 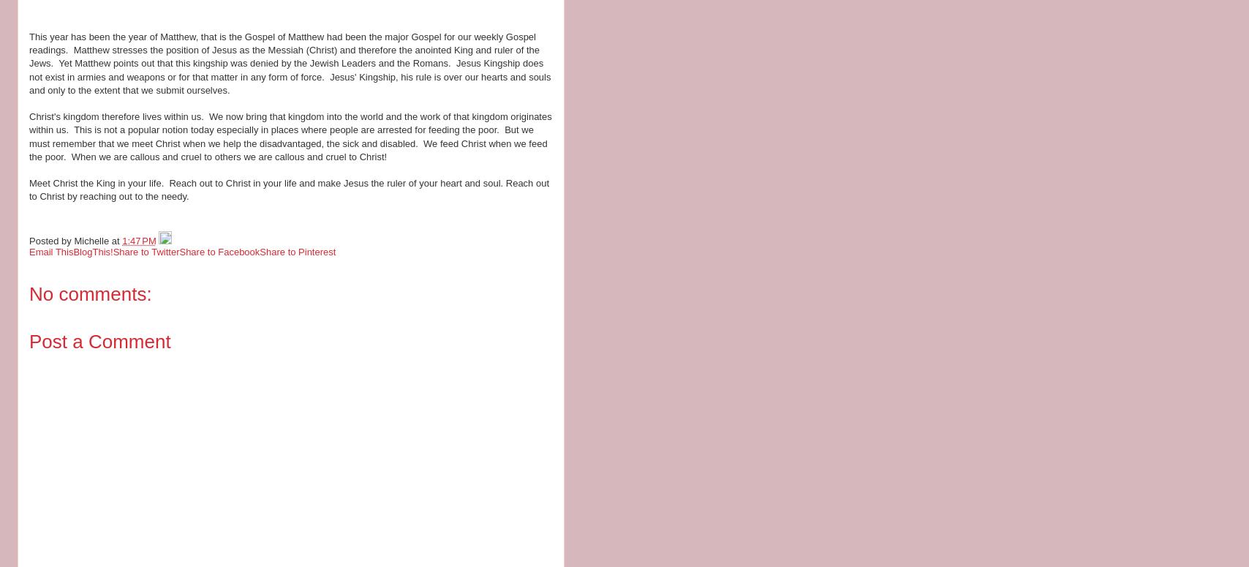 What do you see at coordinates (51, 240) in the screenshot?
I see `'Posted by'` at bounding box center [51, 240].